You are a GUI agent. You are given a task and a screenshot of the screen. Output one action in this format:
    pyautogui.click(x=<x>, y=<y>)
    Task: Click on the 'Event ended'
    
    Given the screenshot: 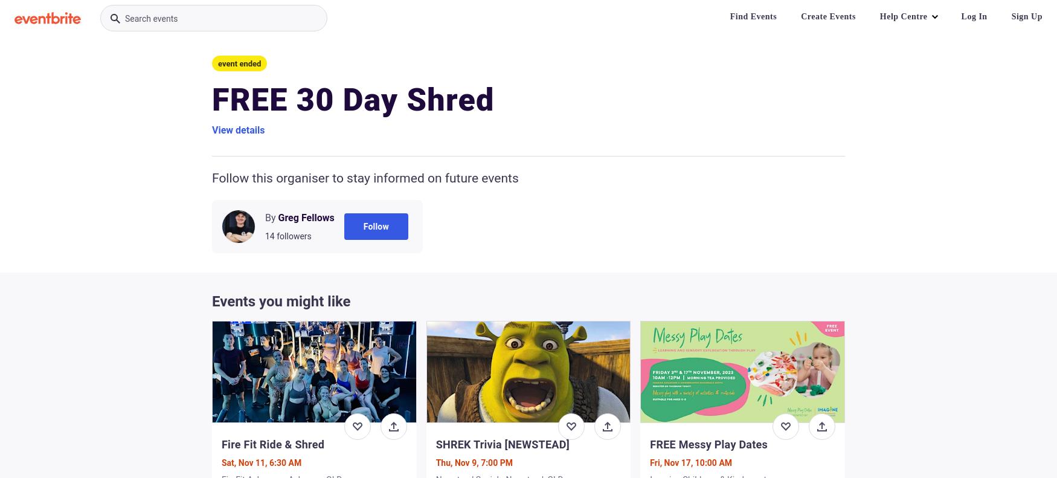 What is the action you would take?
    pyautogui.click(x=239, y=63)
    